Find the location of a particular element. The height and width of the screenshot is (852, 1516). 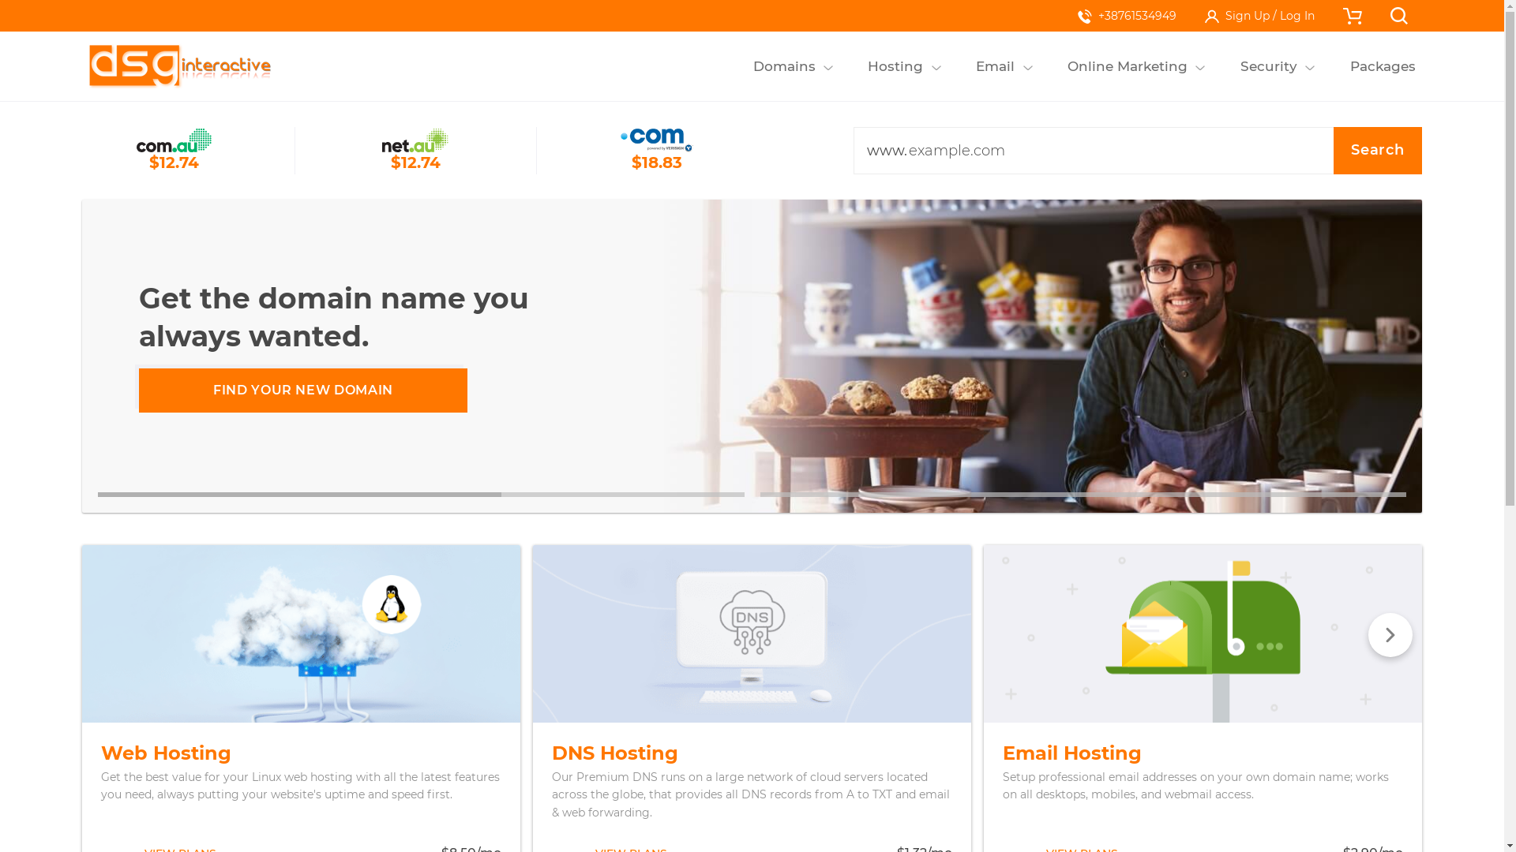

'Email' is located at coordinates (995, 65).